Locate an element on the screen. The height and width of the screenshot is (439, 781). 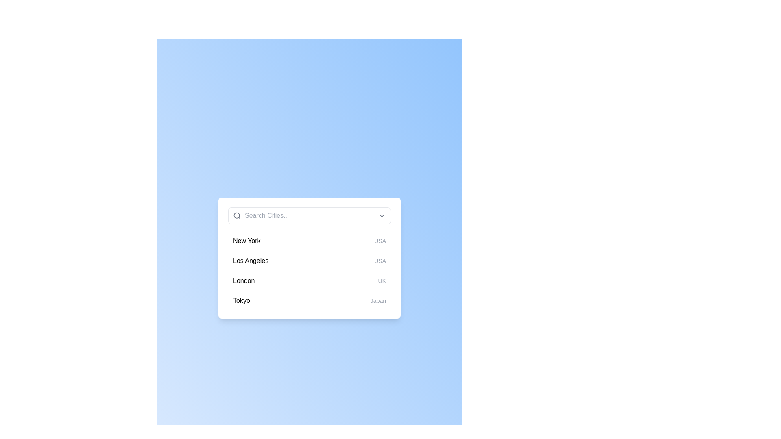
the list item labeled 'Tokyo' which is the fourth row in the vertical list, highlighting the row as it is hovered over is located at coordinates (309, 300).